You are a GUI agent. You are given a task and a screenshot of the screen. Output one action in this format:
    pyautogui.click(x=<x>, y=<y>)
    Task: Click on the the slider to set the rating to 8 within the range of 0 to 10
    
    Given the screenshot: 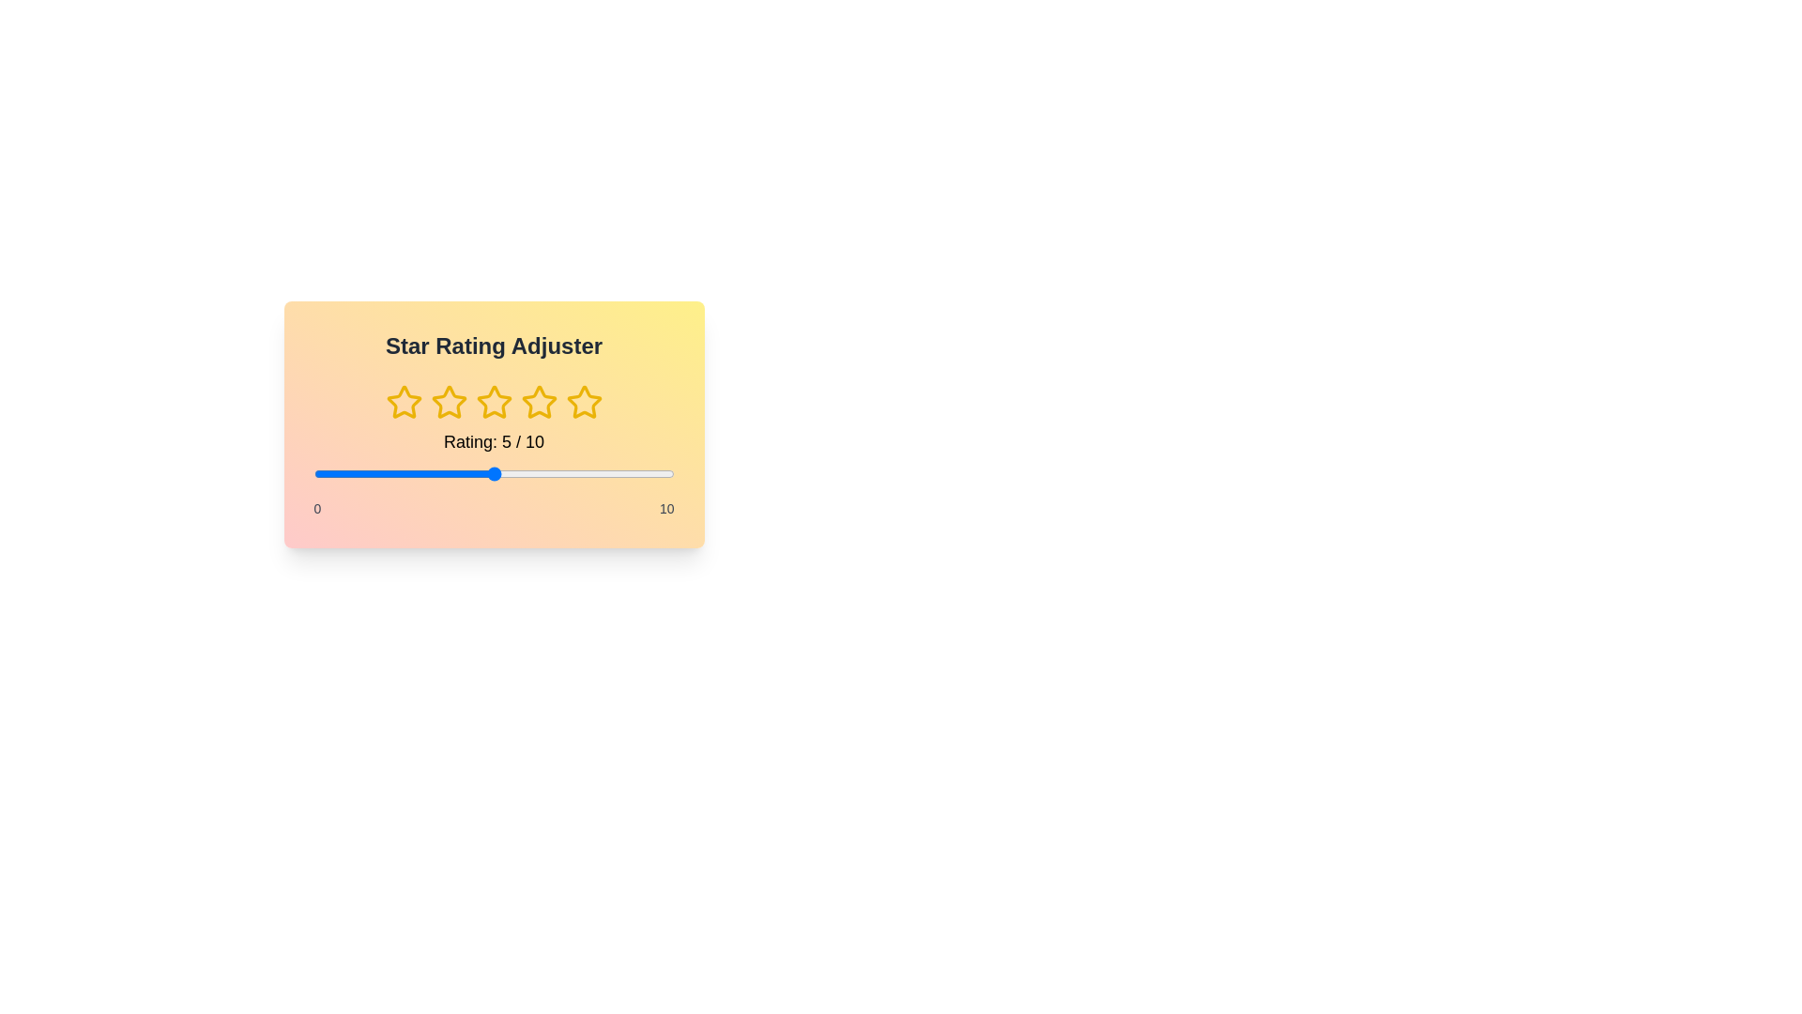 What is the action you would take?
    pyautogui.click(x=602, y=473)
    